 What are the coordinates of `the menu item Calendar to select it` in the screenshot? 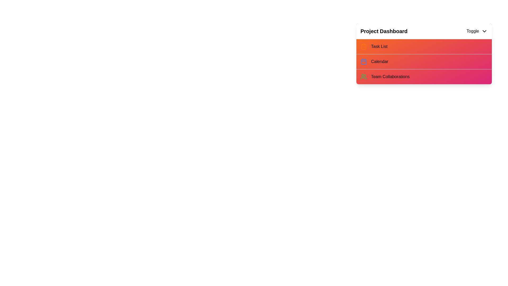 It's located at (424, 61).